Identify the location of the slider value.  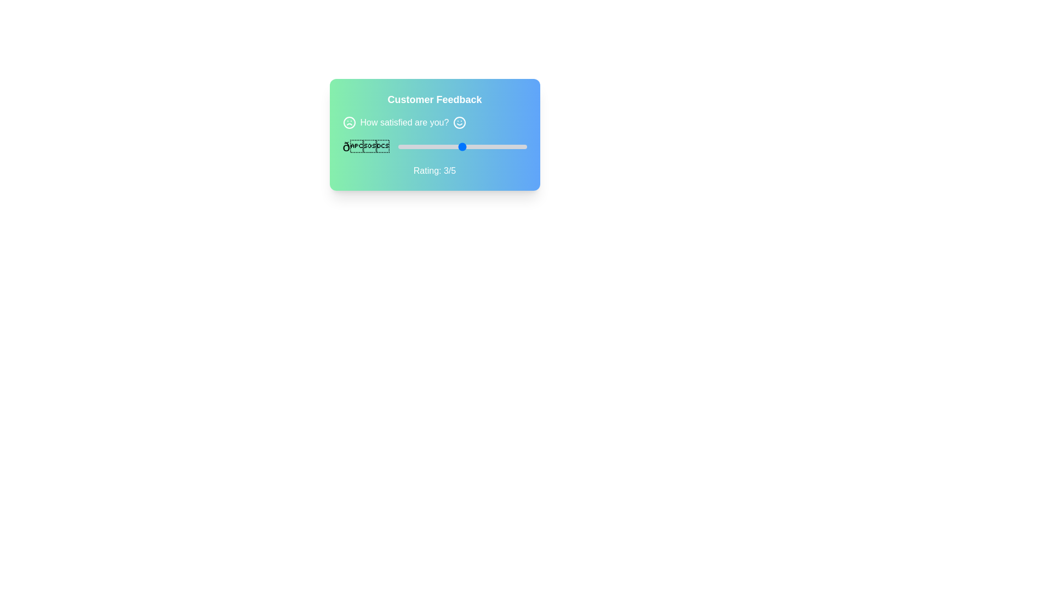
(397, 146).